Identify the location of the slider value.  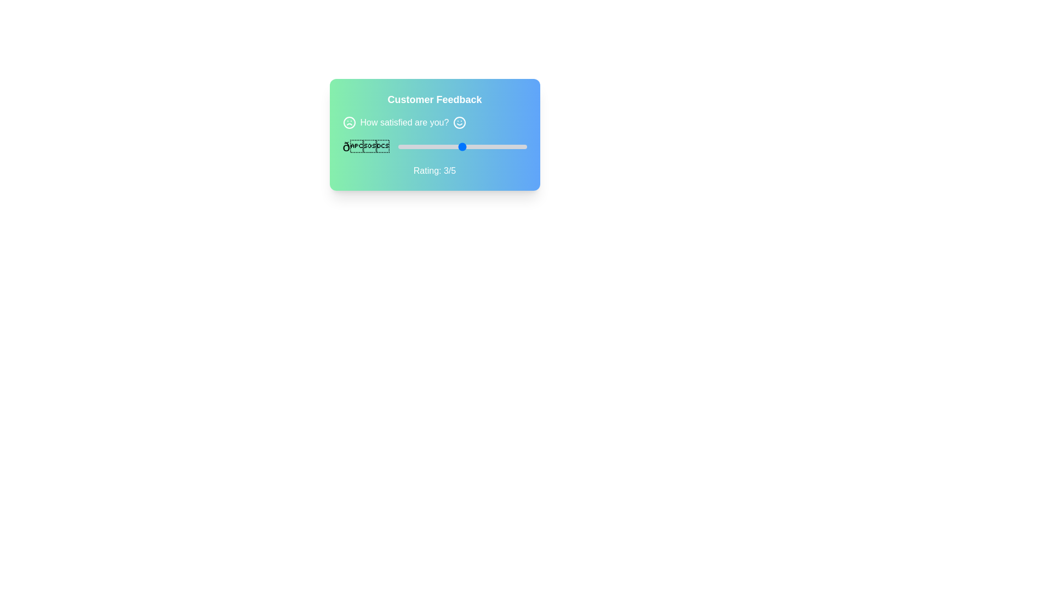
(397, 146).